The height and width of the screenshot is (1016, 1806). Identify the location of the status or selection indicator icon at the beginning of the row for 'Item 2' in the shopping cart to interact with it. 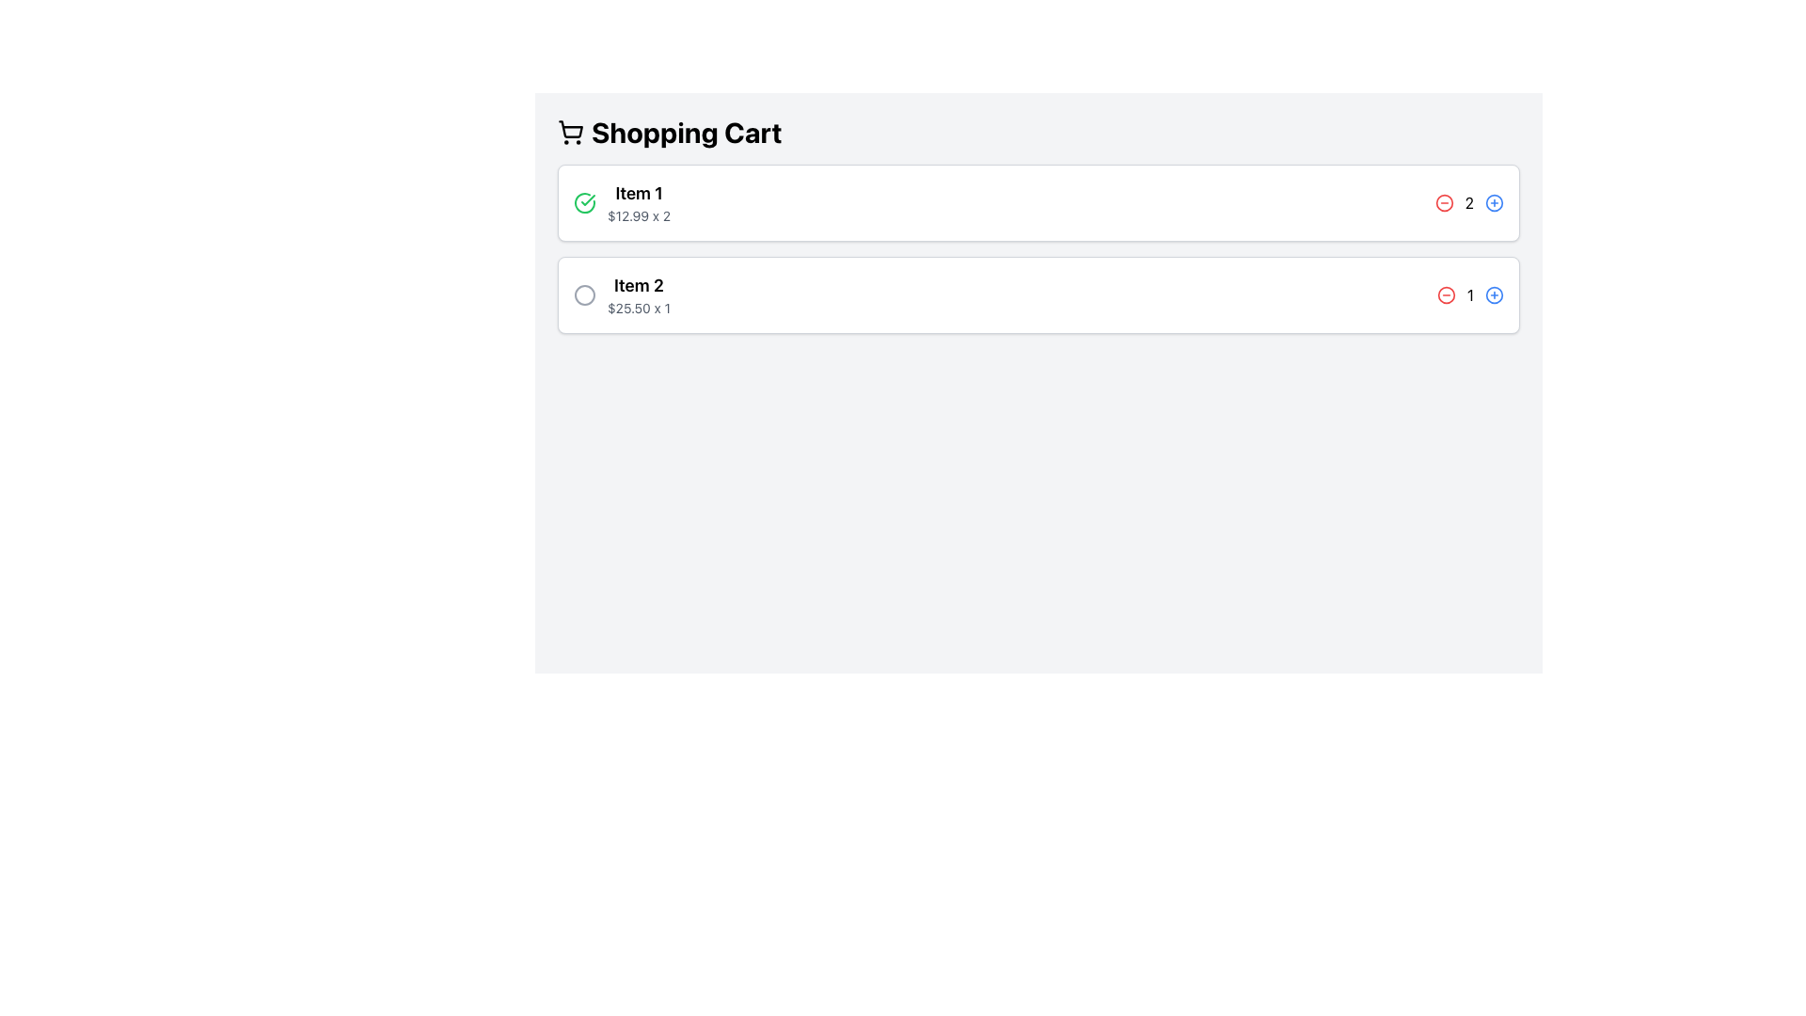
(584, 294).